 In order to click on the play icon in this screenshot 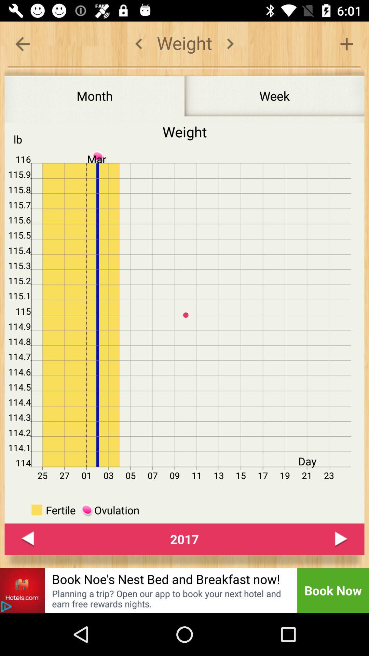, I will do `click(6, 606)`.